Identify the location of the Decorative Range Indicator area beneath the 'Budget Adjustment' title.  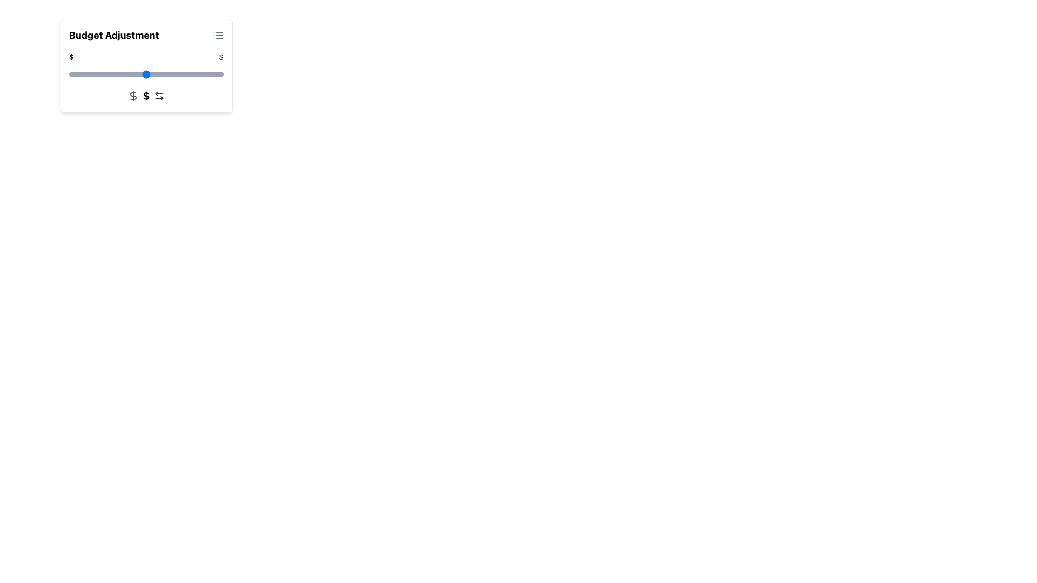
(145, 57).